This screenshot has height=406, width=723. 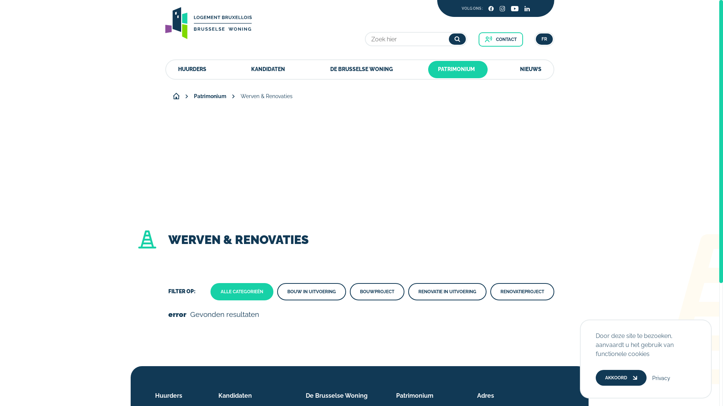 What do you see at coordinates (168, 395) in the screenshot?
I see `'Huurders'` at bounding box center [168, 395].